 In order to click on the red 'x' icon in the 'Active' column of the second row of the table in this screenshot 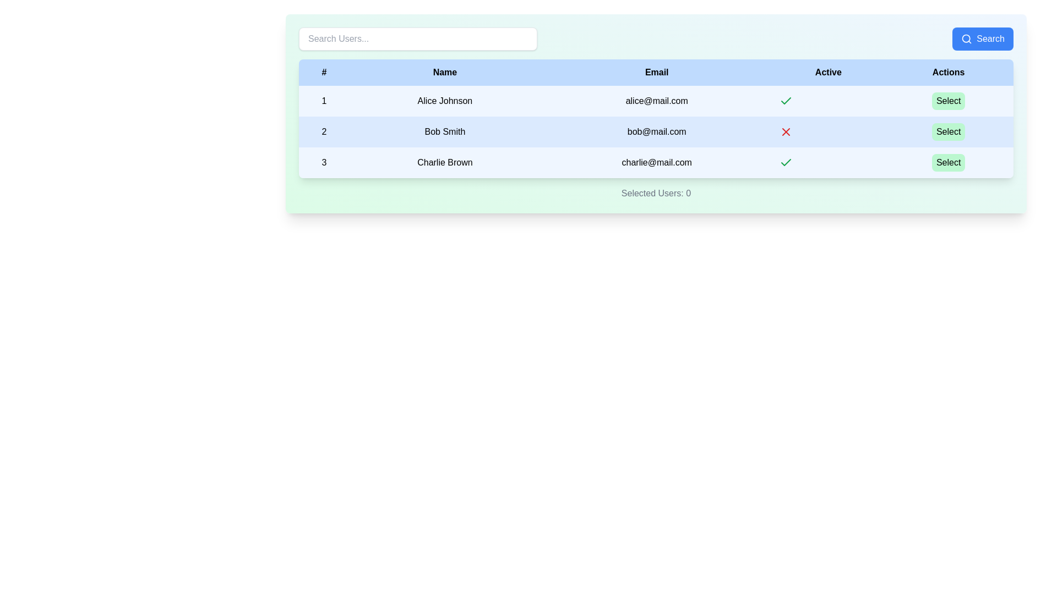, I will do `click(786, 131)`.